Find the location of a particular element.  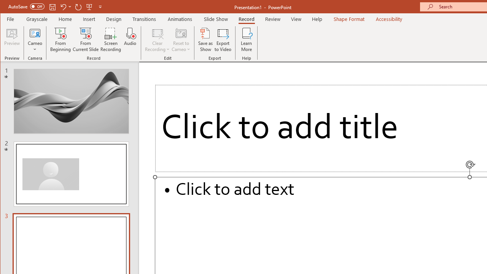

'Design' is located at coordinates (113, 19).